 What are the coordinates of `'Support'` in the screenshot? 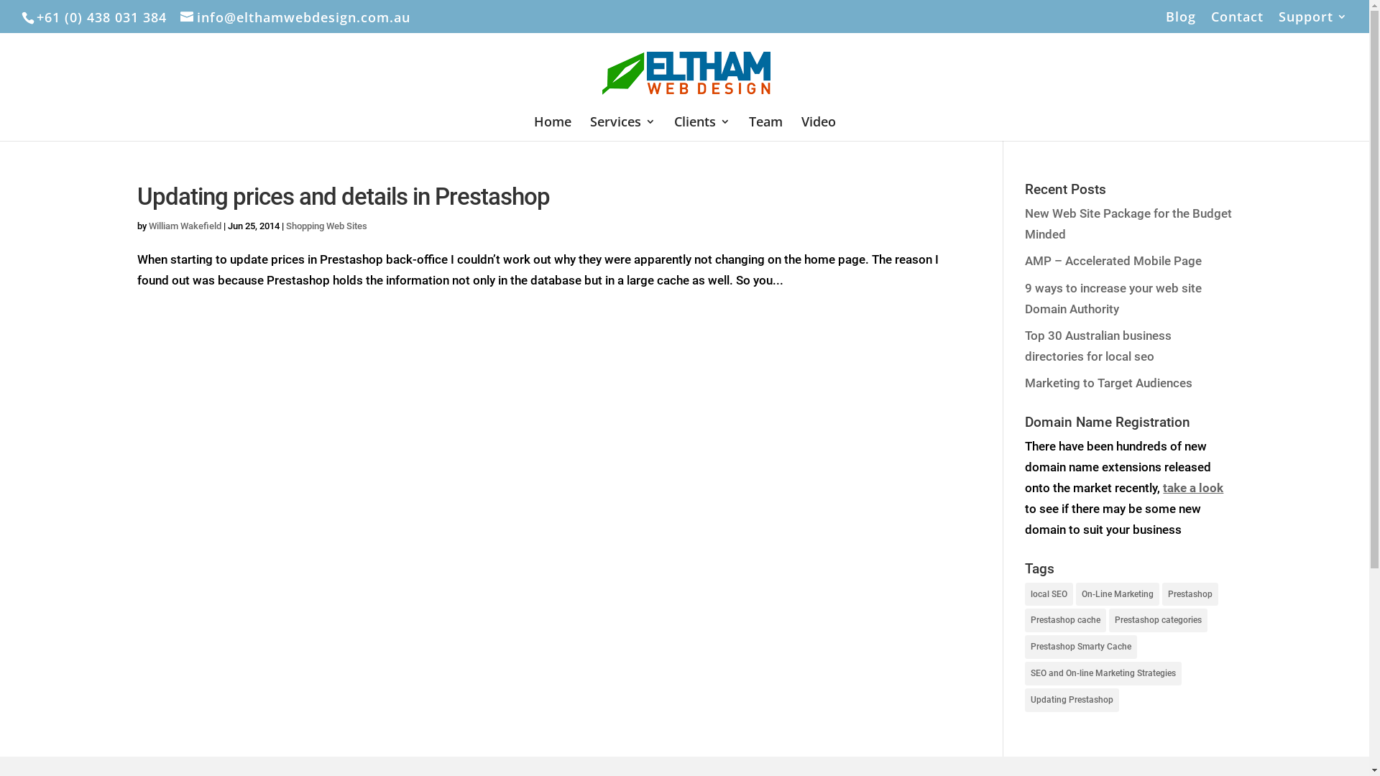 It's located at (1313, 22).